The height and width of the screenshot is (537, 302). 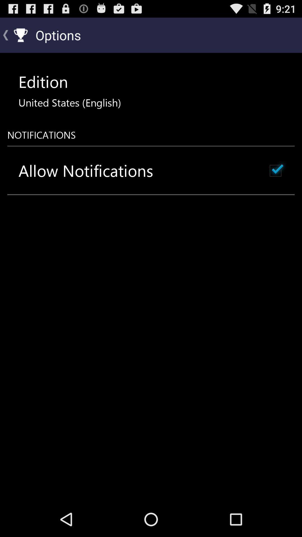 What do you see at coordinates (275, 170) in the screenshot?
I see `the item below notifications item` at bounding box center [275, 170].